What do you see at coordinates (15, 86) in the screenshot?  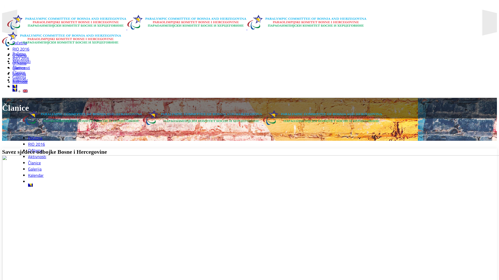 I see `'Bosnian'` at bounding box center [15, 86].